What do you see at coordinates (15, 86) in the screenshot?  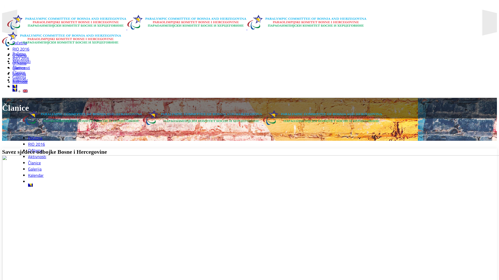 I see `'Bosnian'` at bounding box center [15, 86].